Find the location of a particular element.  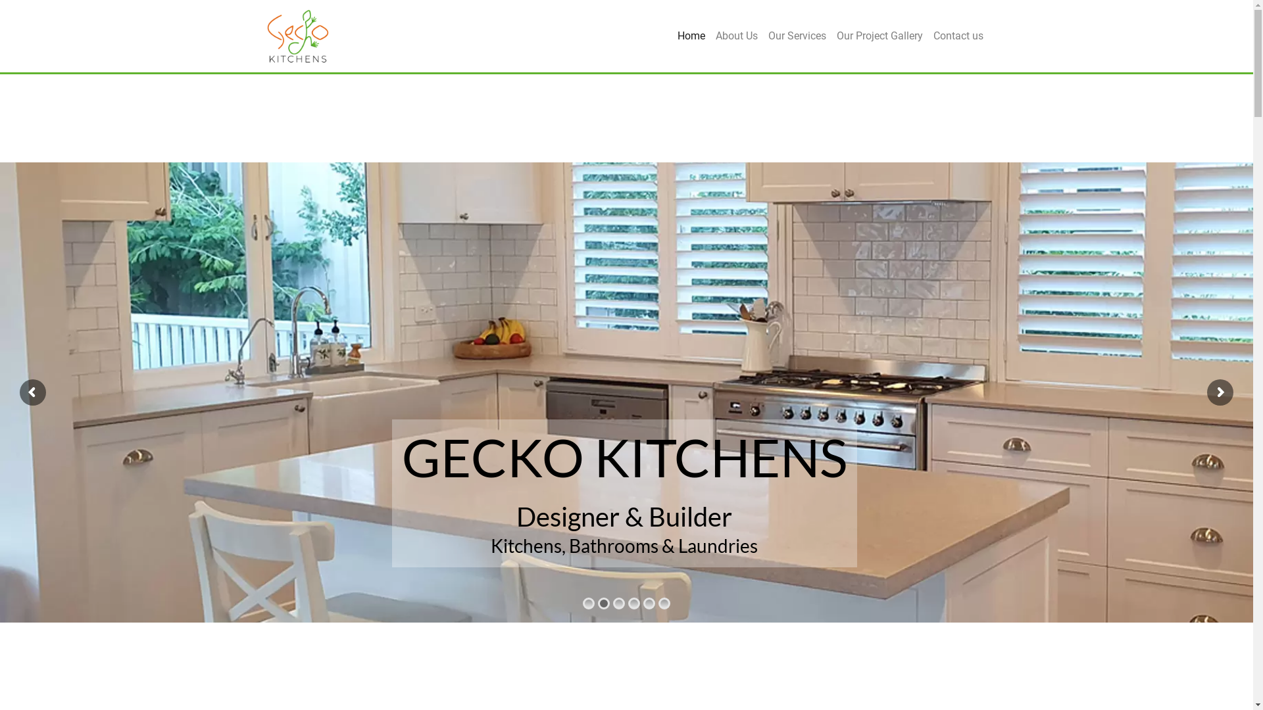

'Contact us' is located at coordinates (957, 35).